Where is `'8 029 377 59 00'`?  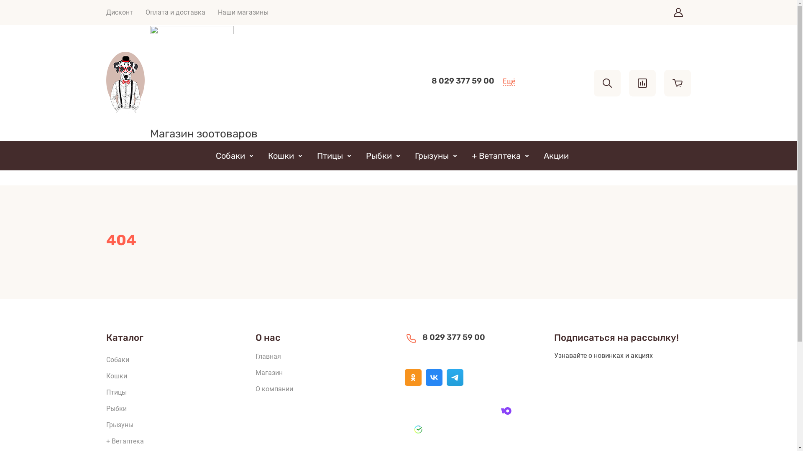
'8 029 377 59 00' is located at coordinates (453, 337).